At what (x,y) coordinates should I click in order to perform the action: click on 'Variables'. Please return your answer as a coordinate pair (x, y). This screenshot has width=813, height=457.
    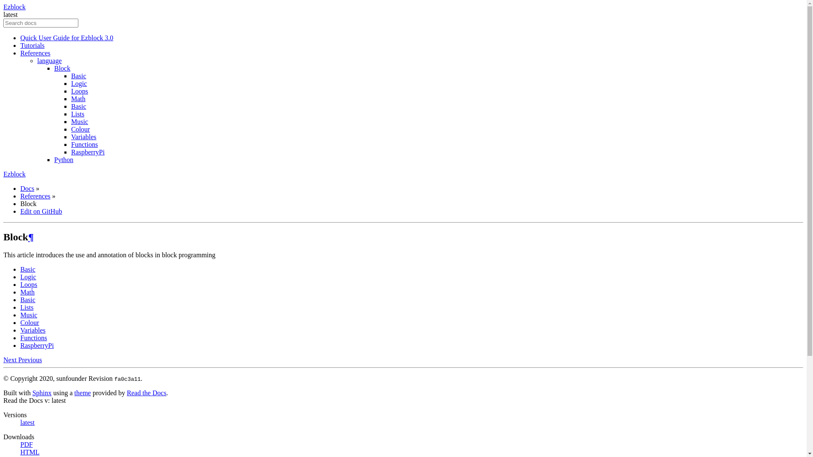
    Looking at the image, I should click on (83, 136).